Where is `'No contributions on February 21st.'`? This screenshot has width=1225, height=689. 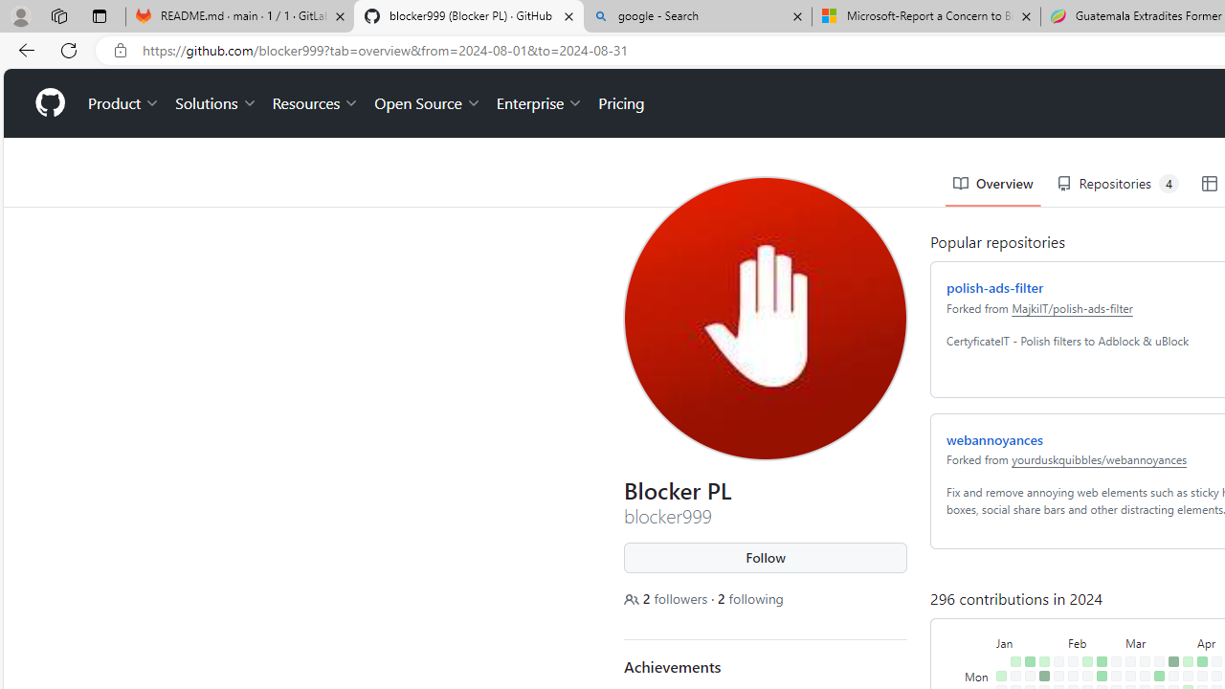
'No contributions on February 21st.' is located at coordinates (1098, 635).